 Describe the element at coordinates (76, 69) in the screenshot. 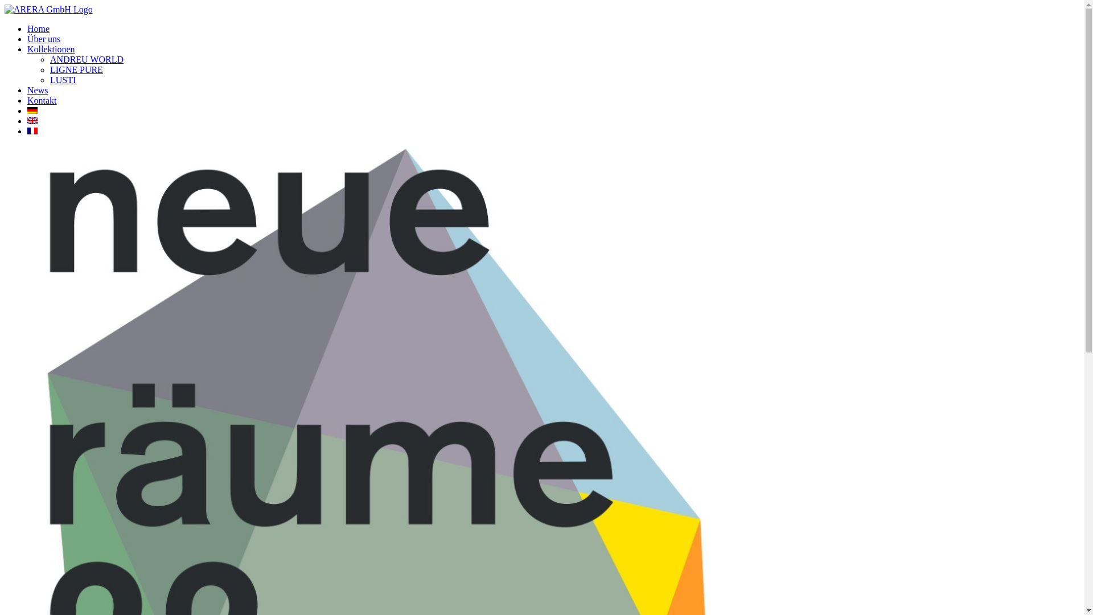

I see `'LIGNE PURE'` at that location.